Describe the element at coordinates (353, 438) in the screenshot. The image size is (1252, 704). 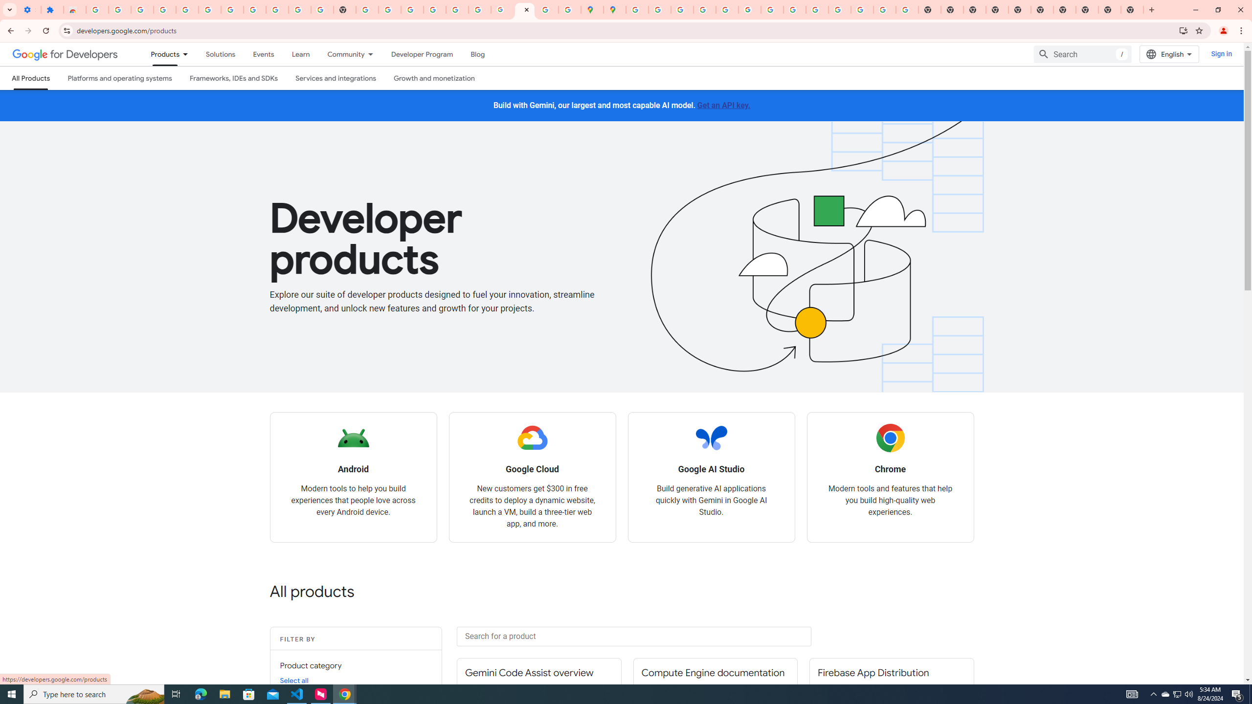
I see `'Android logo'` at that location.